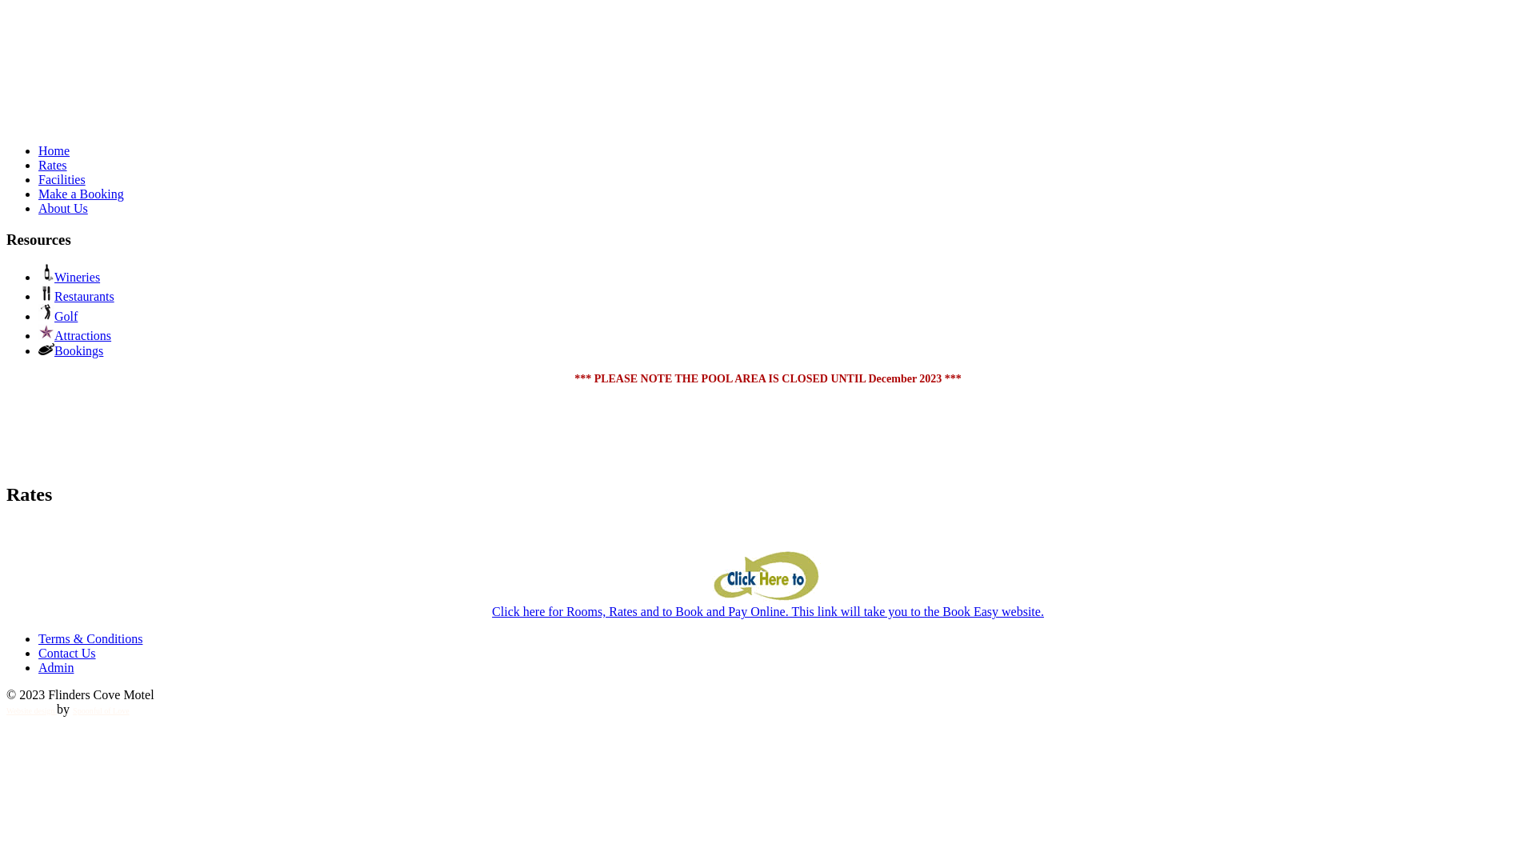 The image size is (1536, 864). Describe the element at coordinates (74, 334) in the screenshot. I see `'Attractions'` at that location.